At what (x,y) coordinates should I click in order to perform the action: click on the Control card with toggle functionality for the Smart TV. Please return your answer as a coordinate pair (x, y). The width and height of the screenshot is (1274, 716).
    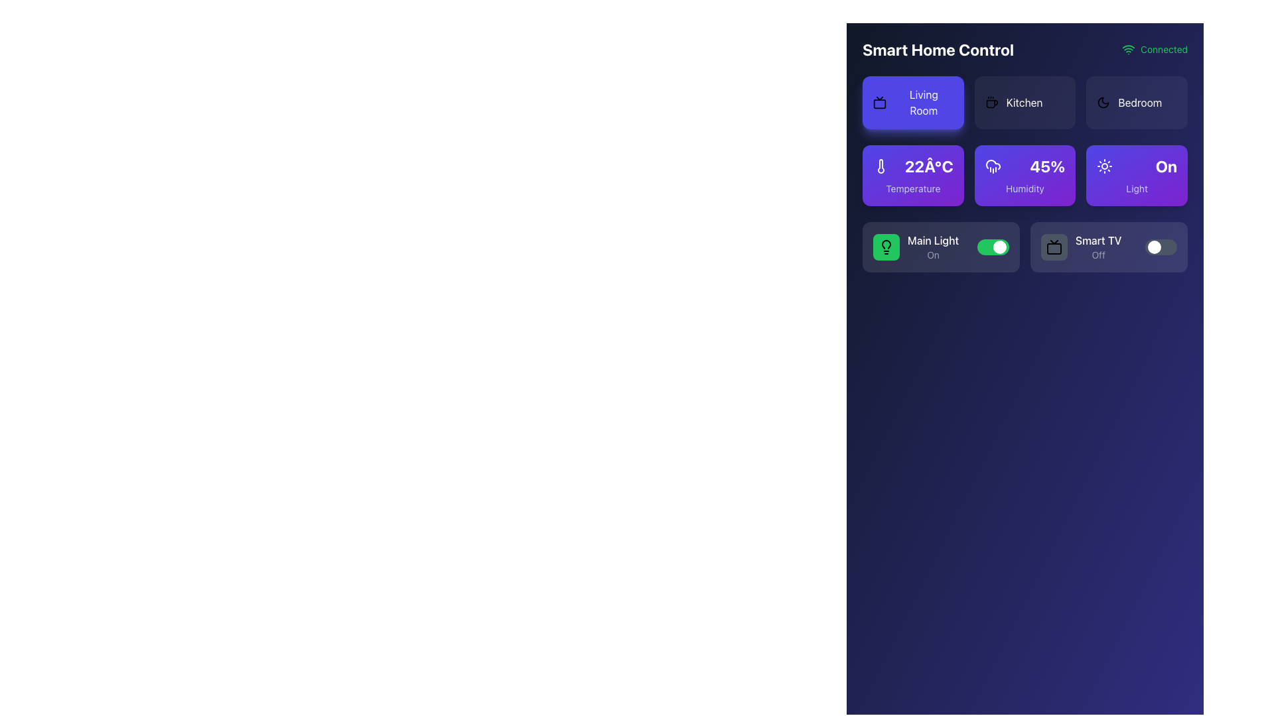
    Looking at the image, I should click on (1109, 247).